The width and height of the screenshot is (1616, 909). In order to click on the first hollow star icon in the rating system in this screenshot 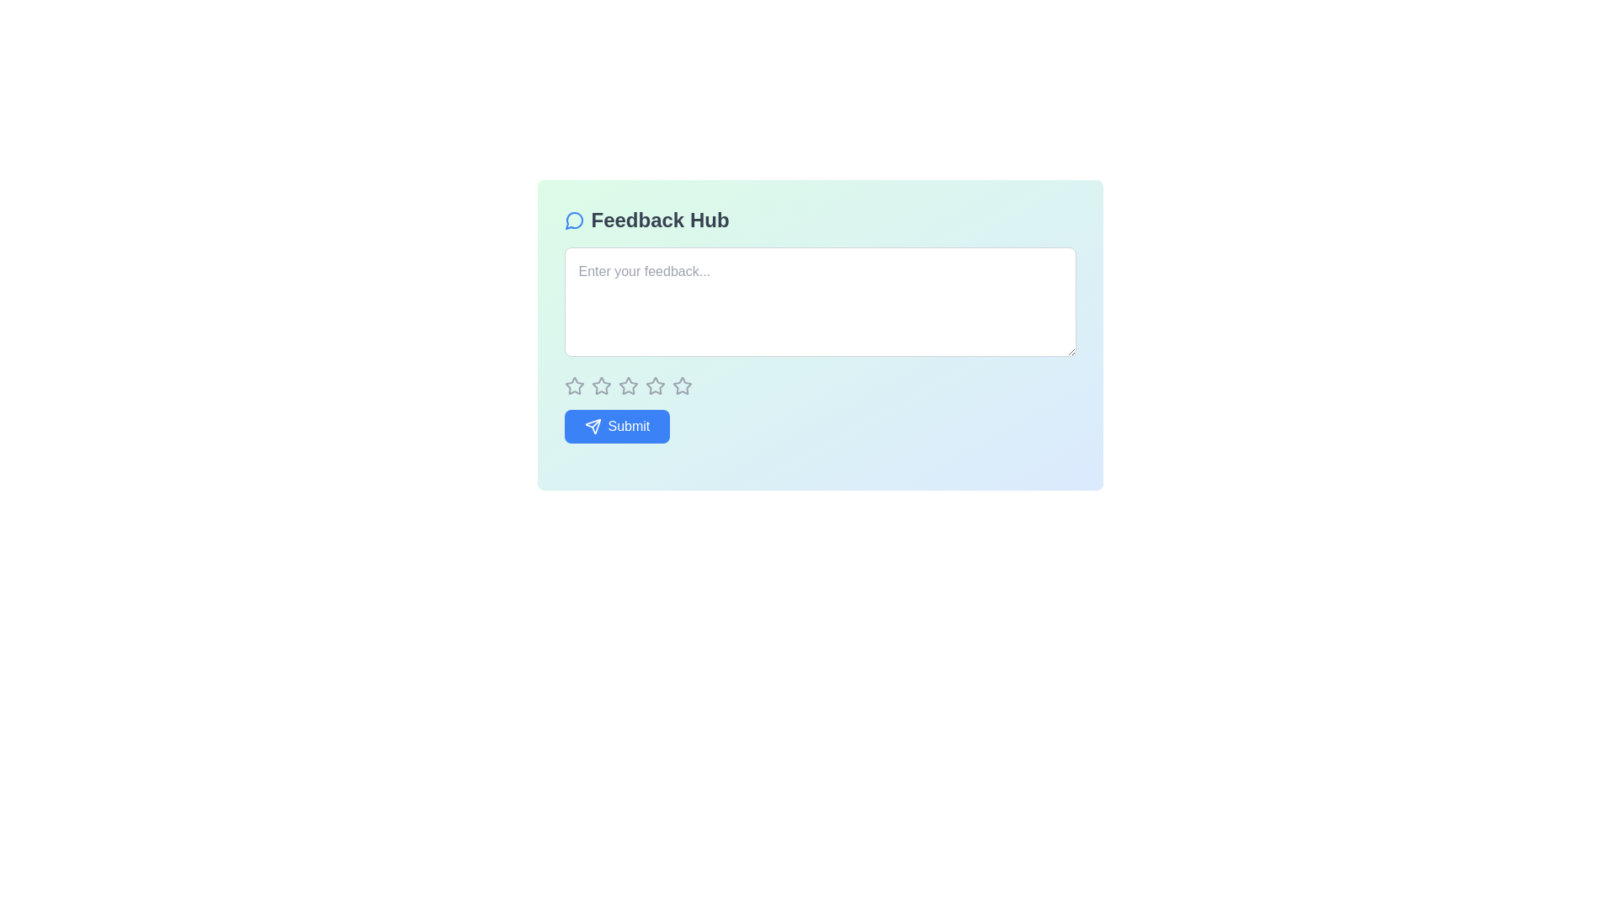, I will do `click(574, 385)`.